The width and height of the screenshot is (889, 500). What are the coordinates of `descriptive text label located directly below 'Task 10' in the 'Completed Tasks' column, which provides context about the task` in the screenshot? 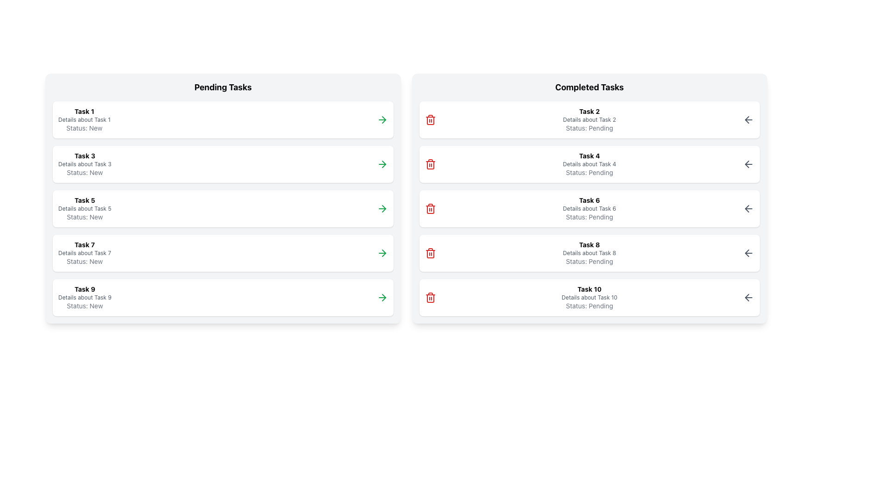 It's located at (589, 298).